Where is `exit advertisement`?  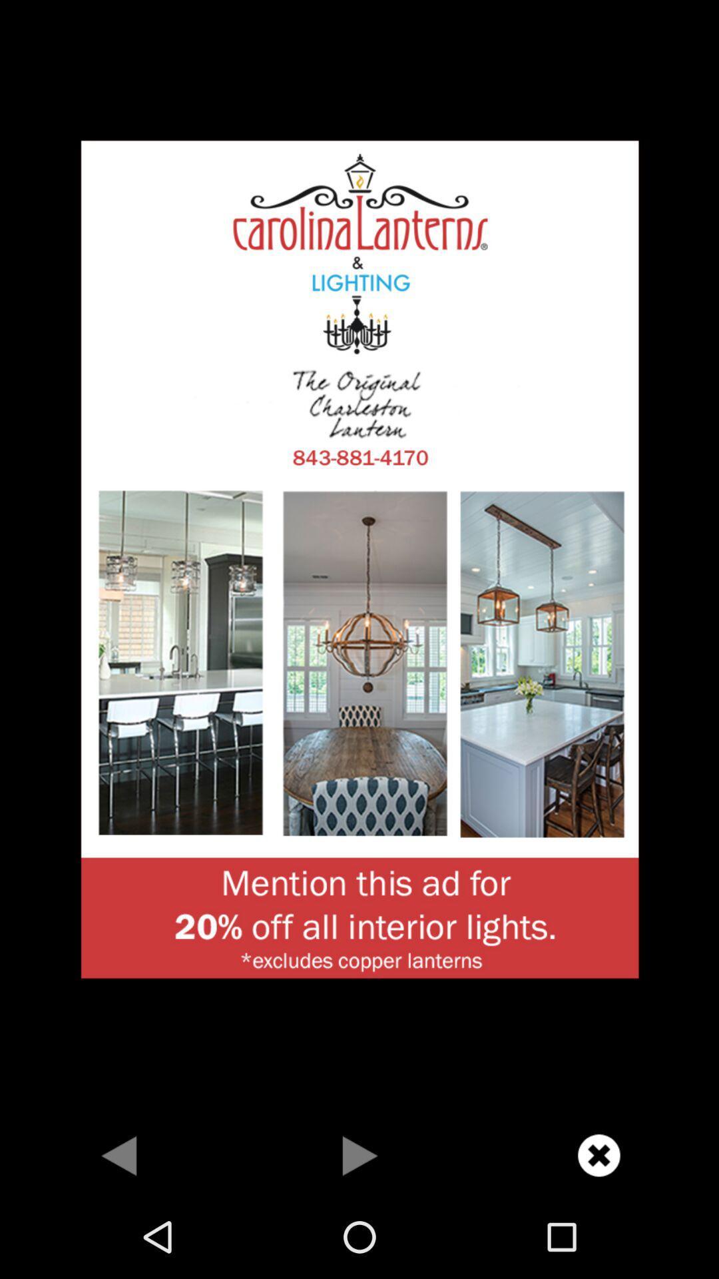 exit advertisement is located at coordinates (598, 1154).